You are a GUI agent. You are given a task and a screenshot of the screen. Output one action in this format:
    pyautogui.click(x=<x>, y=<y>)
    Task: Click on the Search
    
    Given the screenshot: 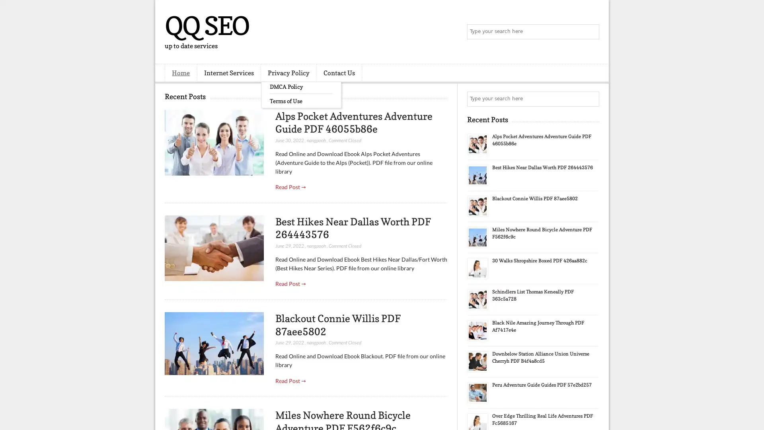 What is the action you would take?
    pyautogui.click(x=591, y=99)
    